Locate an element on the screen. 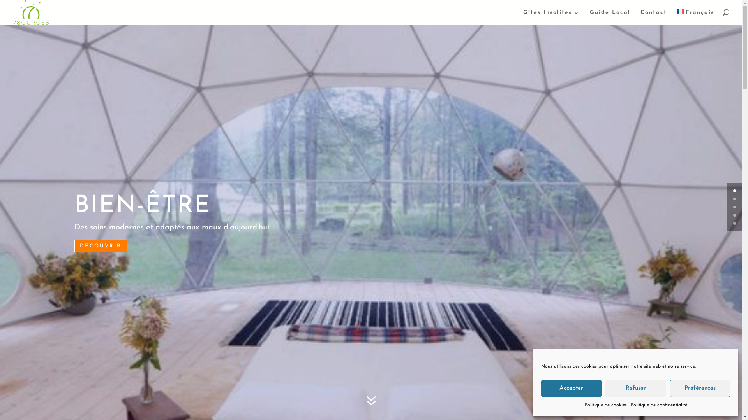 This screenshot has height=420, width=748. '3' is located at coordinates (732, 215).